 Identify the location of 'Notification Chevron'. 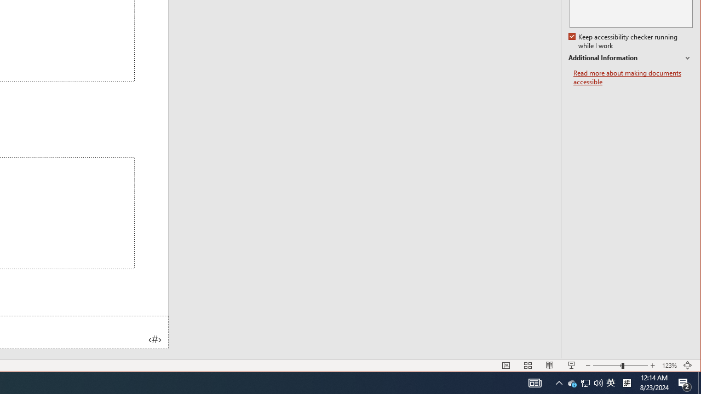
(559, 382).